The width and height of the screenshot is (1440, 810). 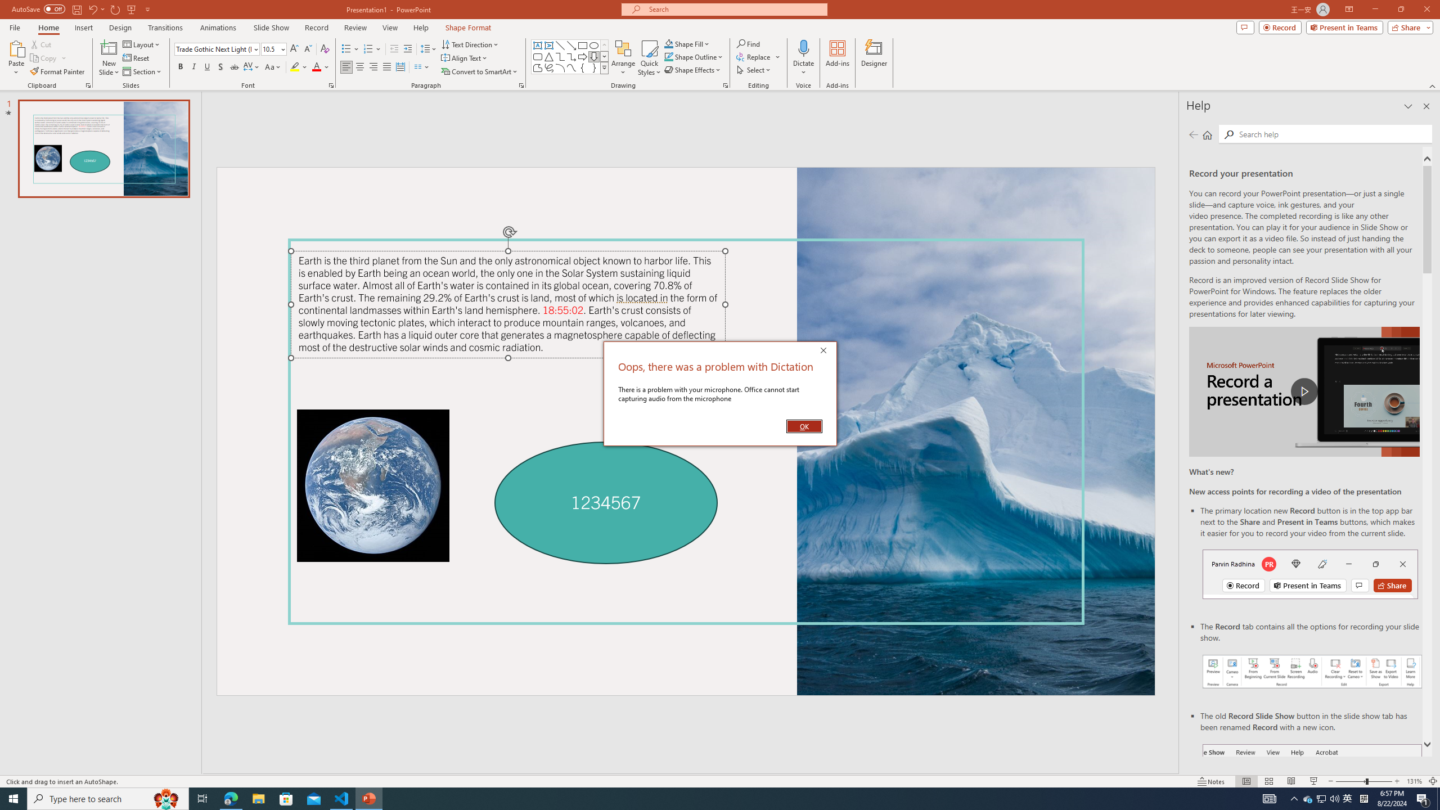 What do you see at coordinates (298, 66) in the screenshot?
I see `'Text Highlight Color'` at bounding box center [298, 66].